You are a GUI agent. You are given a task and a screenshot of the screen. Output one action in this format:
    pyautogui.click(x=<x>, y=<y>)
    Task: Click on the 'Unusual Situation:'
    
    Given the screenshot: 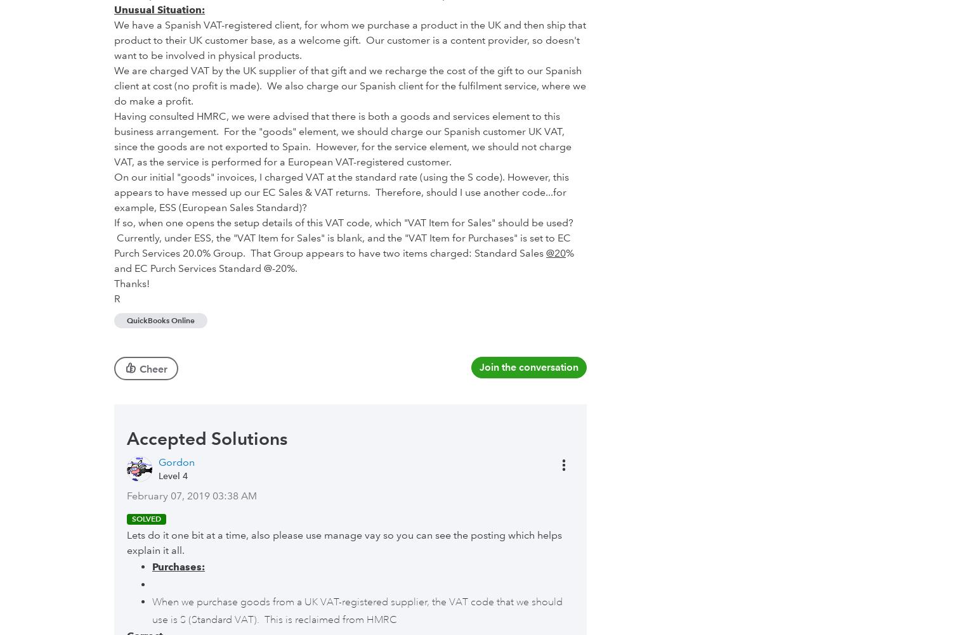 What is the action you would take?
    pyautogui.click(x=159, y=9)
    